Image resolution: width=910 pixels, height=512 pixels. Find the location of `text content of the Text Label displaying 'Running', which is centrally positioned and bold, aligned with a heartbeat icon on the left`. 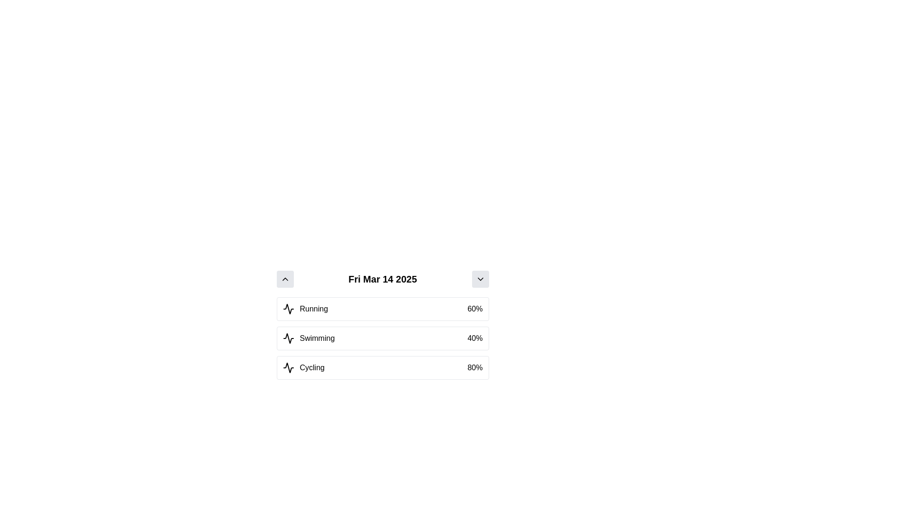

text content of the Text Label displaying 'Running', which is centrally positioned and bold, aligned with a heartbeat icon on the left is located at coordinates (305, 309).